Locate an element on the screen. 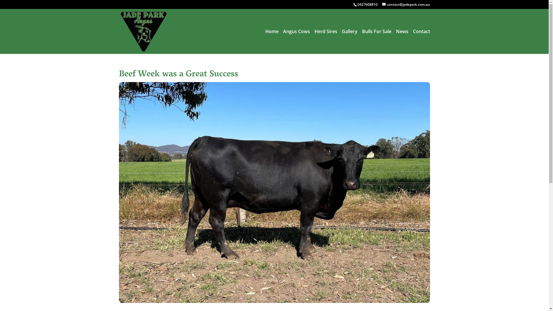  'News' is located at coordinates (402, 41).